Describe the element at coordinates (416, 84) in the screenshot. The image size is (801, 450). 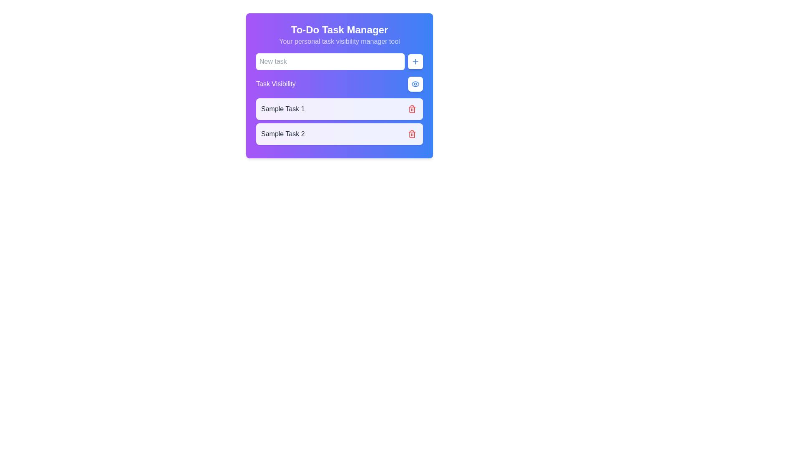
I see `the visibility toggle icon located centrally within the small square button on the right side of the interface` at that location.